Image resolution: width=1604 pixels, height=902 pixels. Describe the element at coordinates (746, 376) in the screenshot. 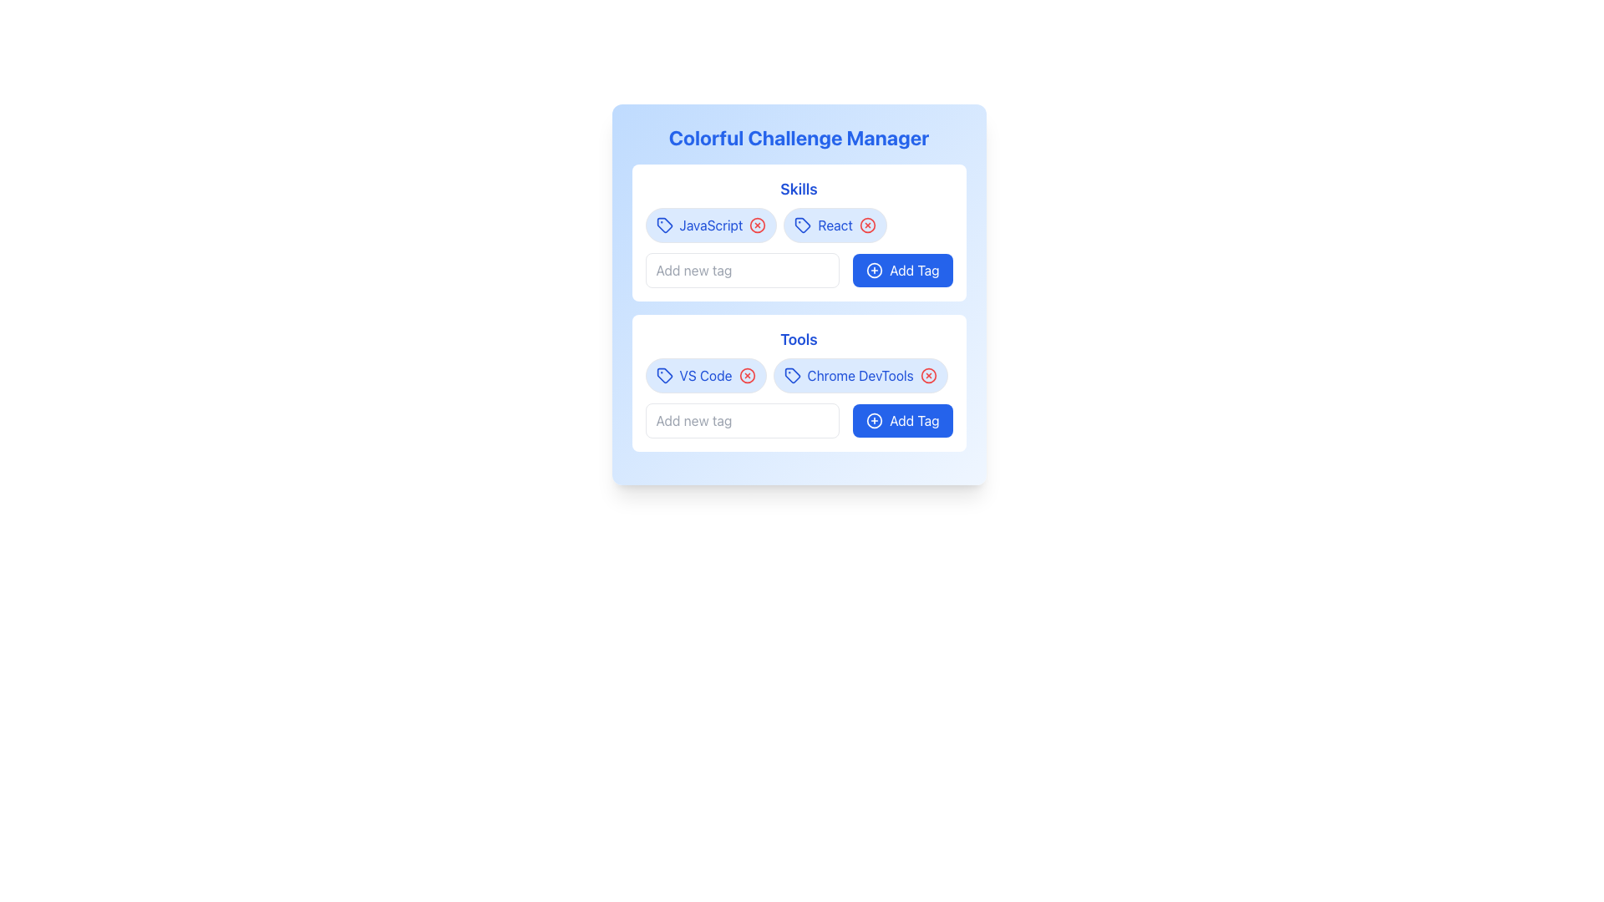

I see `the Circular SVG element of the delete button associated with the 'VS Code' tag` at that location.